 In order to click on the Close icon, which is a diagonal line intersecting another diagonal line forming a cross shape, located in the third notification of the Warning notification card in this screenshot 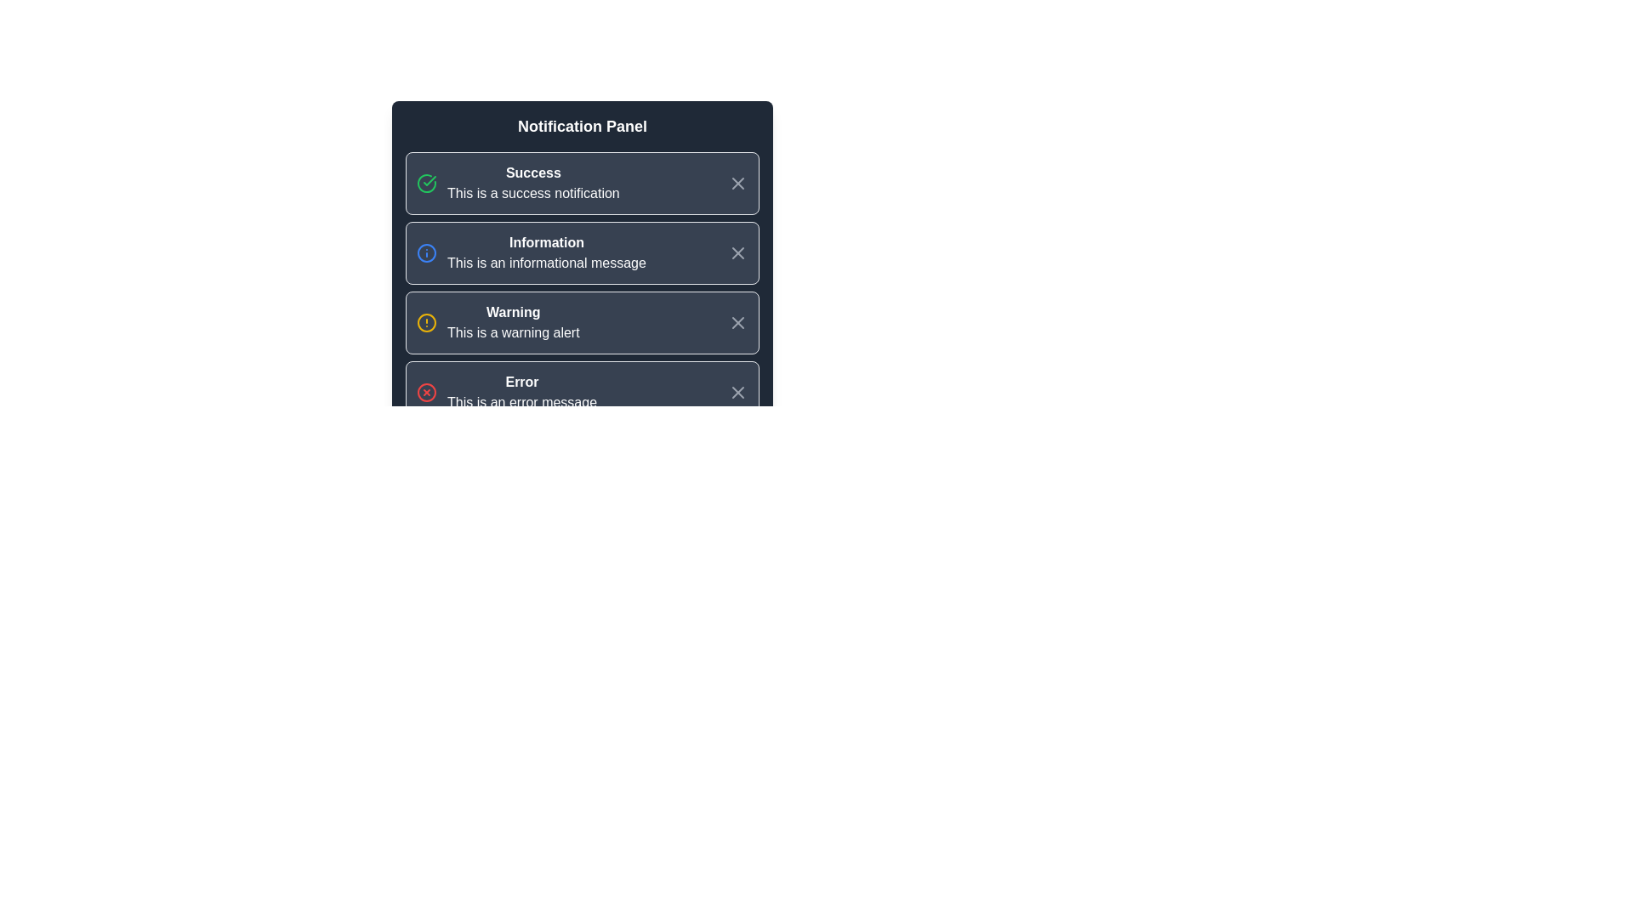, I will do `click(738, 323)`.